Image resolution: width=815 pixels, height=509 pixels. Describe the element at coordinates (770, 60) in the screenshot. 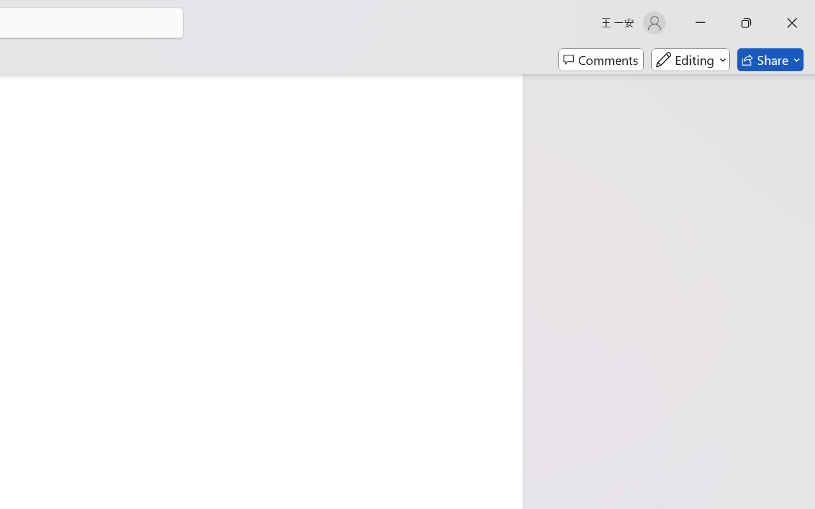

I see `'Share'` at that location.